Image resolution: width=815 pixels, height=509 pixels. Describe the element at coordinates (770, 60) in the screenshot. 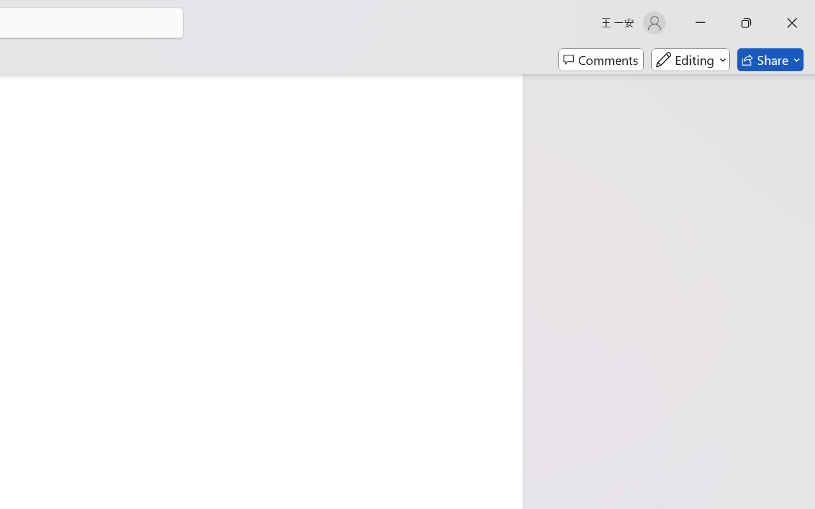

I see `'Share'` at that location.